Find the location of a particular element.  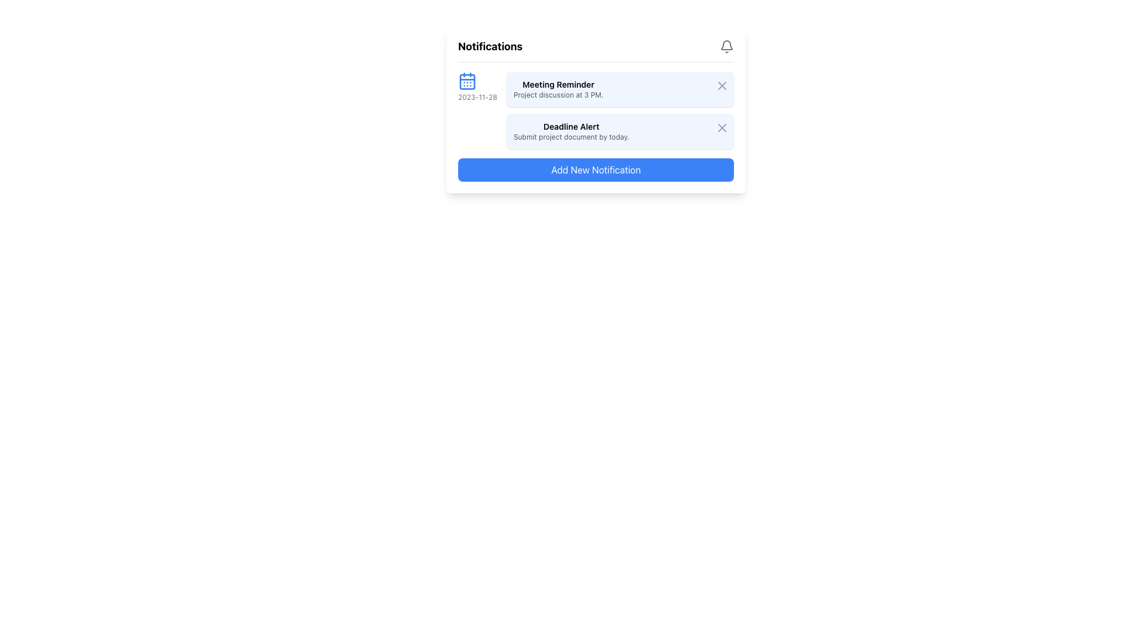

static text displaying 'Submit project document by today.' which is located below the main heading 'Deadline Alert' in a notification card is located at coordinates (571, 137).